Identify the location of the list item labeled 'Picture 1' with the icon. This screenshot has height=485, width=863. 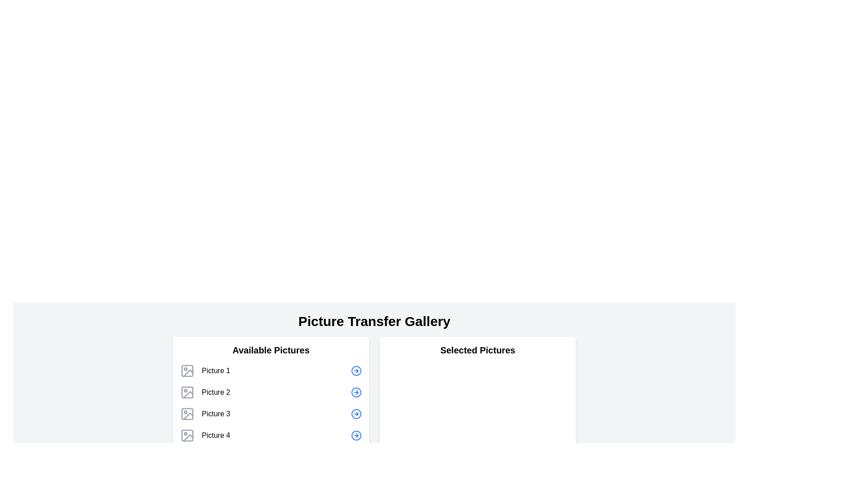
(205, 370).